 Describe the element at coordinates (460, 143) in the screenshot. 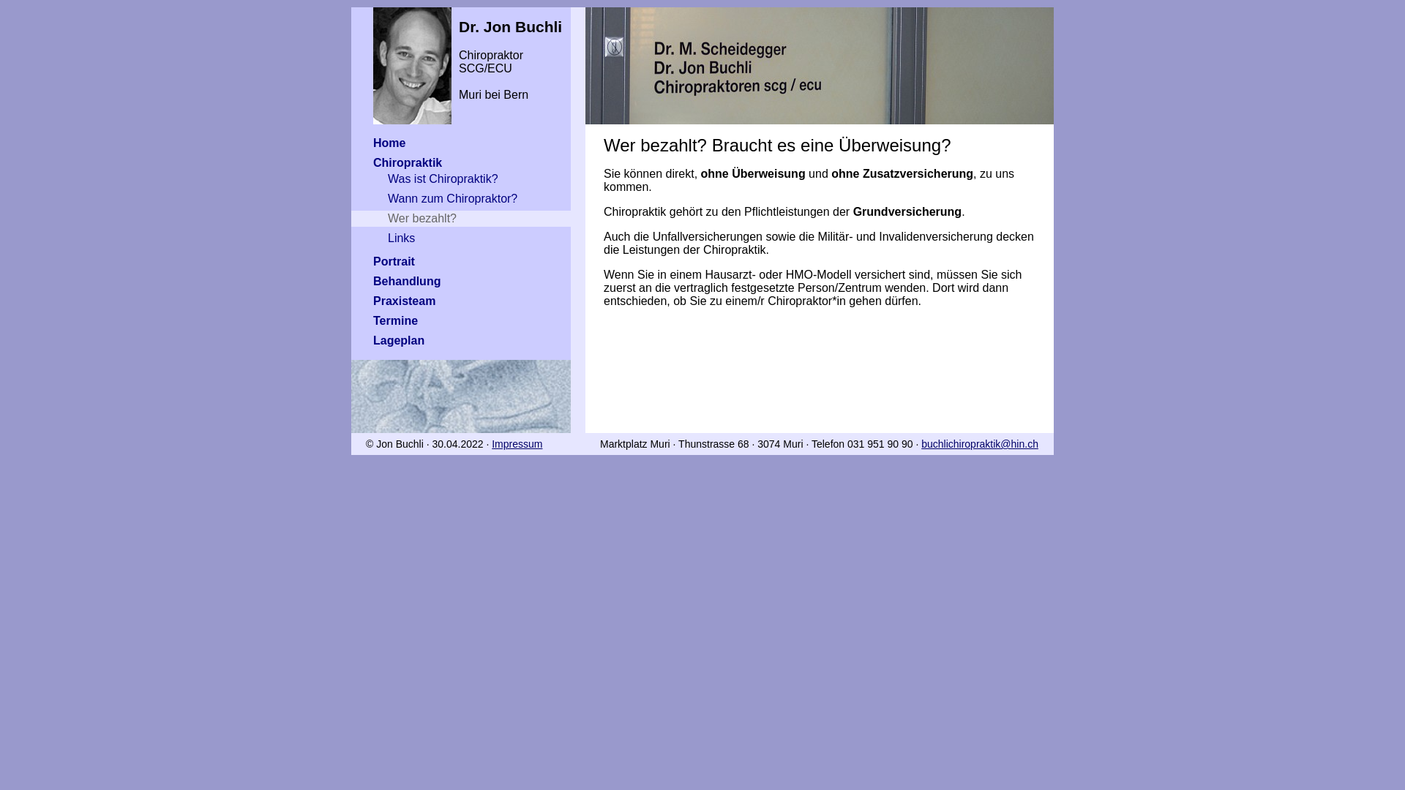

I see `'Home'` at that location.